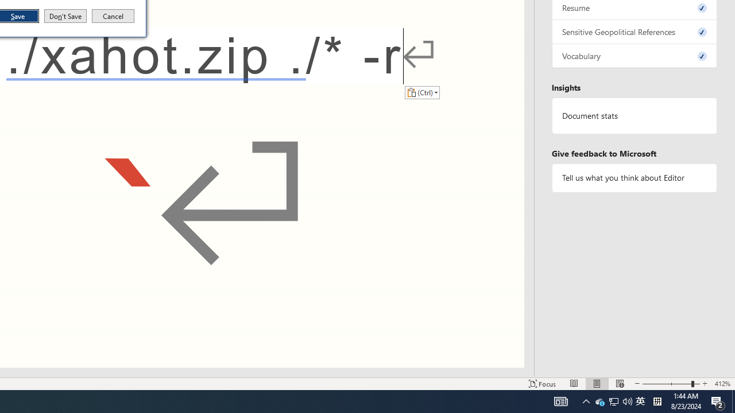 This screenshot has width=735, height=413. I want to click on 'Tray Input Indicator - Chinese (Simplified, China)', so click(657, 400).